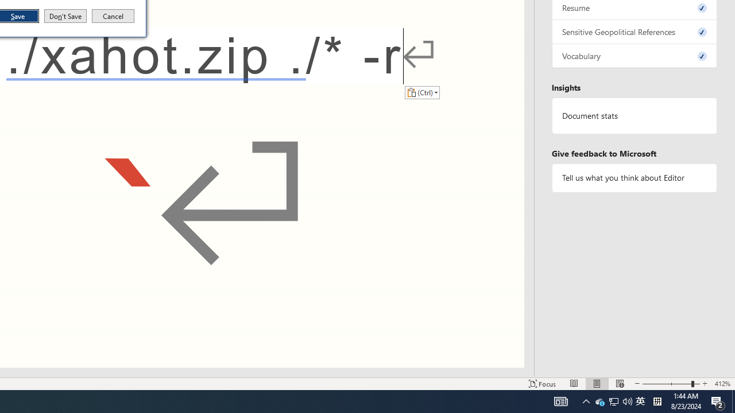 This screenshot has width=735, height=413. I want to click on 'Tray Input Indicator - Chinese (Simplified, China)', so click(657, 400).